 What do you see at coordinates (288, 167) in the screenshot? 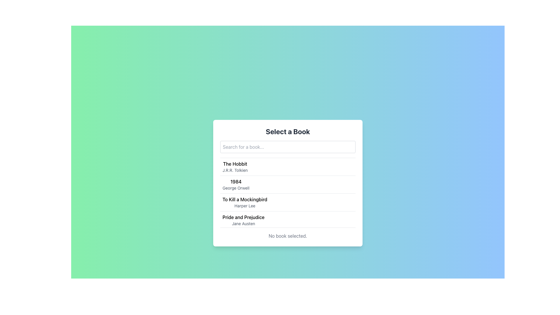
I see `the first list item representing 'The Hobbit' by 'J.R.R. Tolkien'` at bounding box center [288, 167].